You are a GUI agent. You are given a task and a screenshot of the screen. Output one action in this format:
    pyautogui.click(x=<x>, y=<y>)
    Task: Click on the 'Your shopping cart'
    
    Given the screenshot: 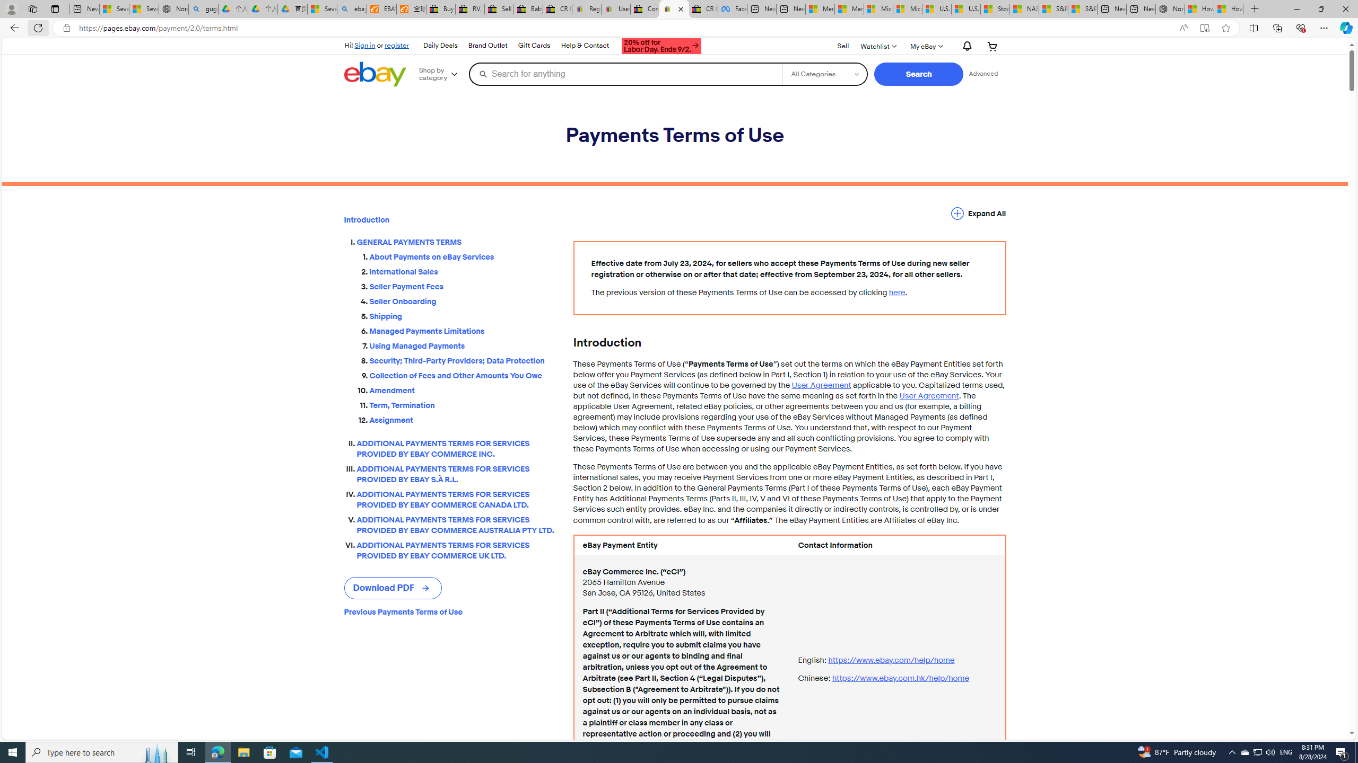 What is the action you would take?
    pyautogui.click(x=993, y=46)
    